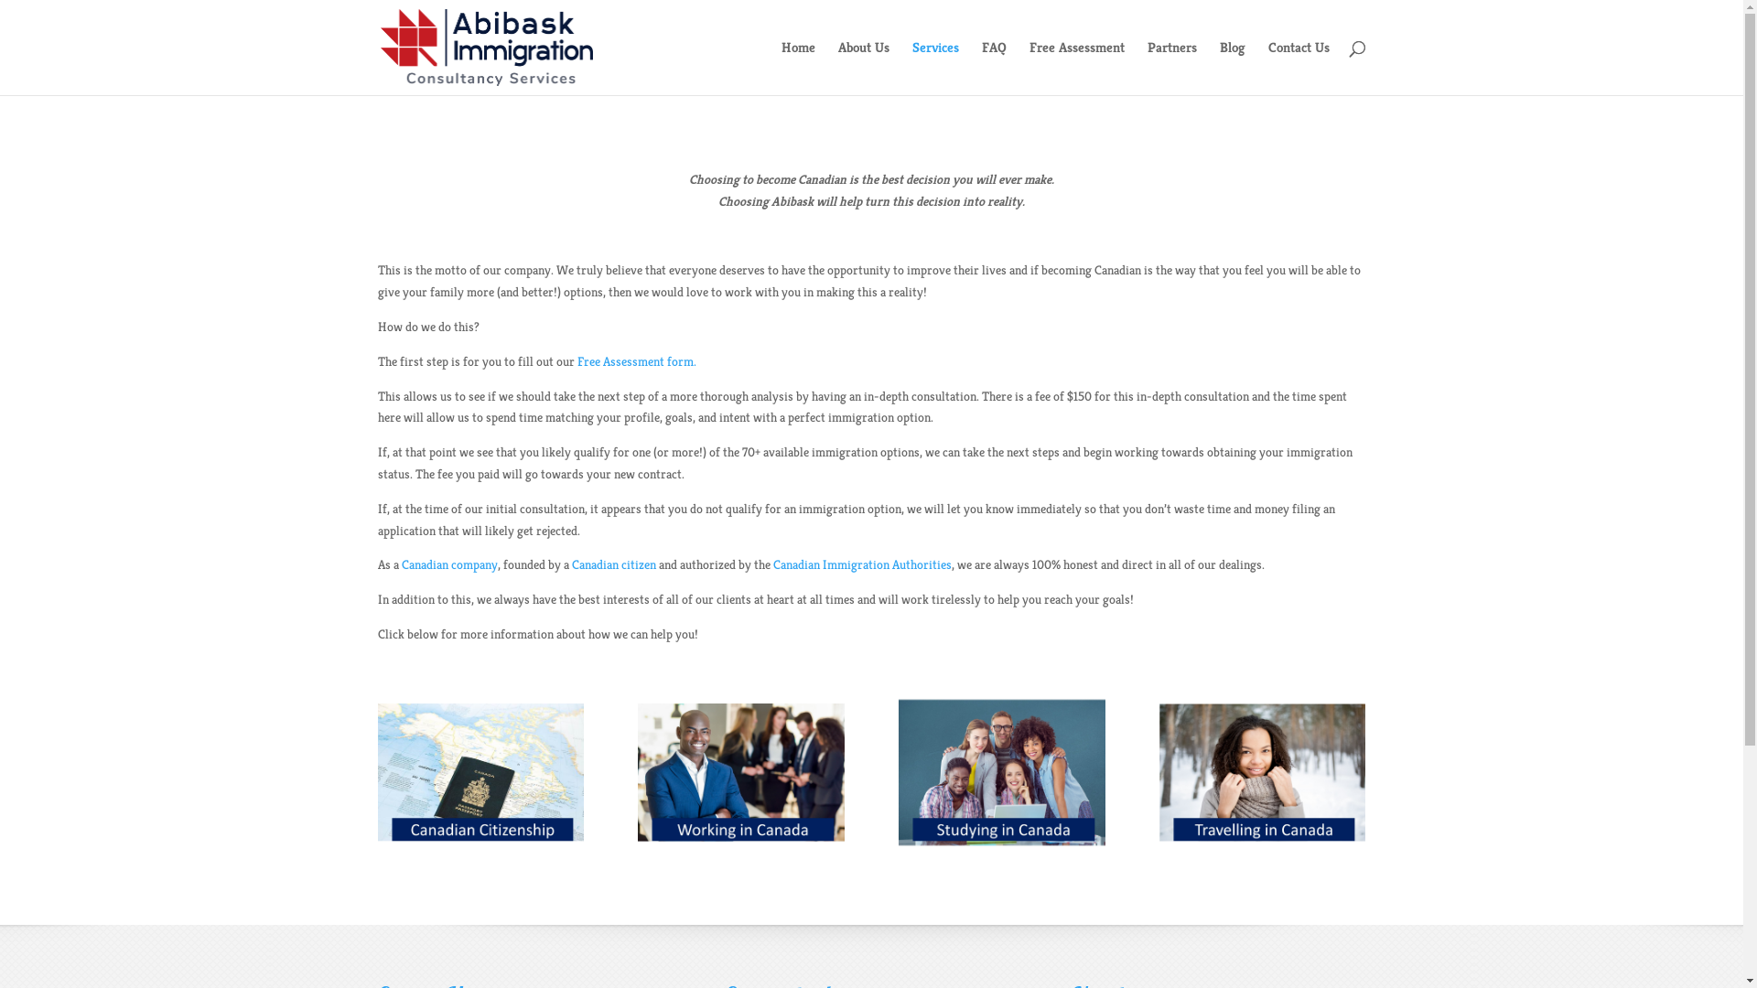 The image size is (1757, 988). Describe the element at coordinates (934, 67) in the screenshot. I see `'Services'` at that location.